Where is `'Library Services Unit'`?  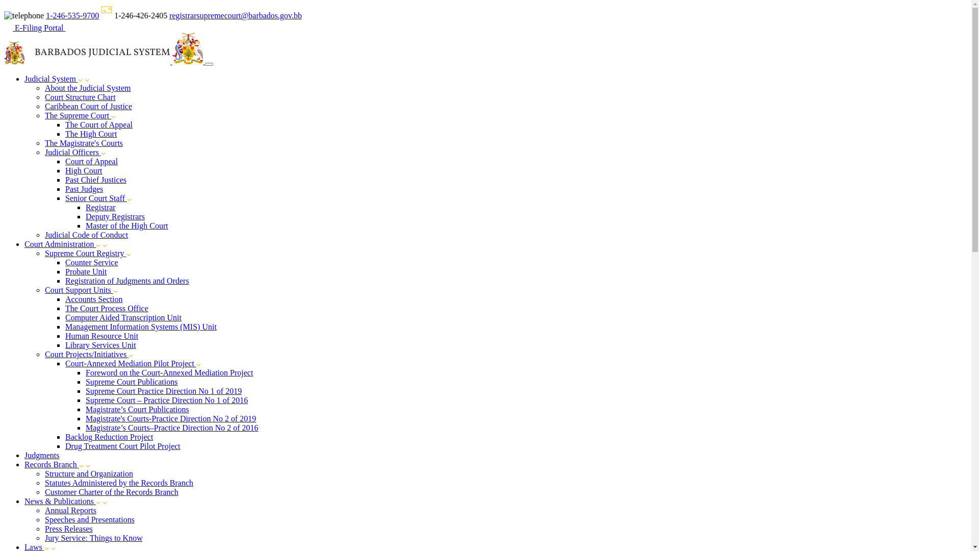 'Library Services Unit' is located at coordinates (100, 344).